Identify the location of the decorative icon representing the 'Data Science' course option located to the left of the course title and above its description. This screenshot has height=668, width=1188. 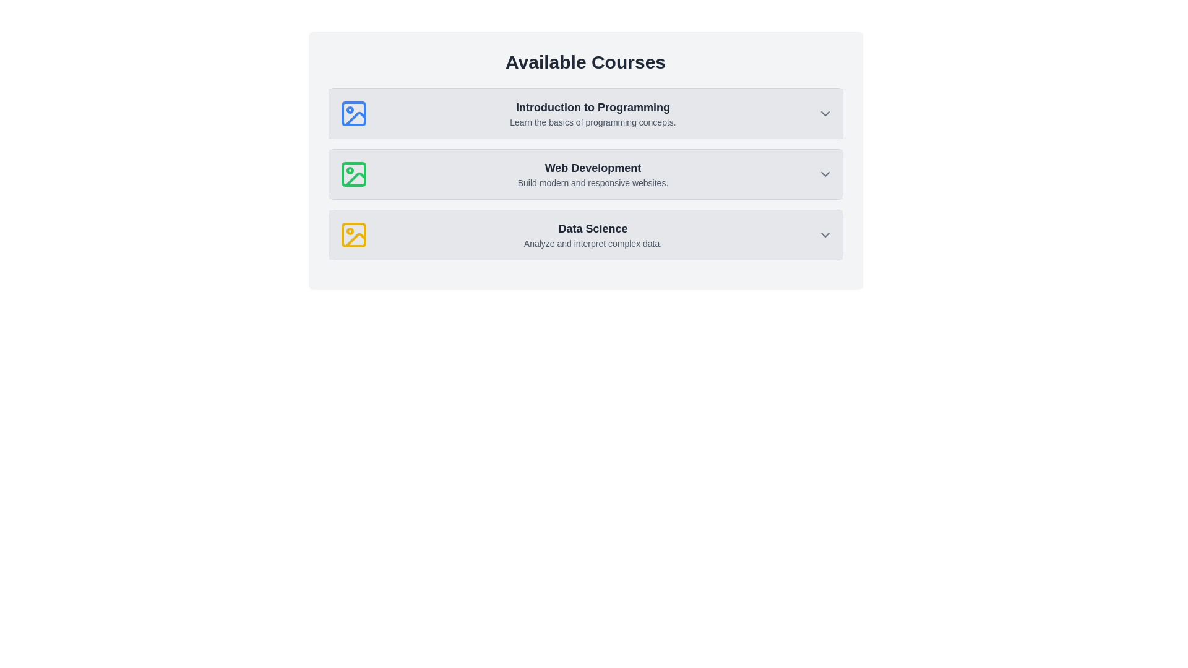
(353, 235).